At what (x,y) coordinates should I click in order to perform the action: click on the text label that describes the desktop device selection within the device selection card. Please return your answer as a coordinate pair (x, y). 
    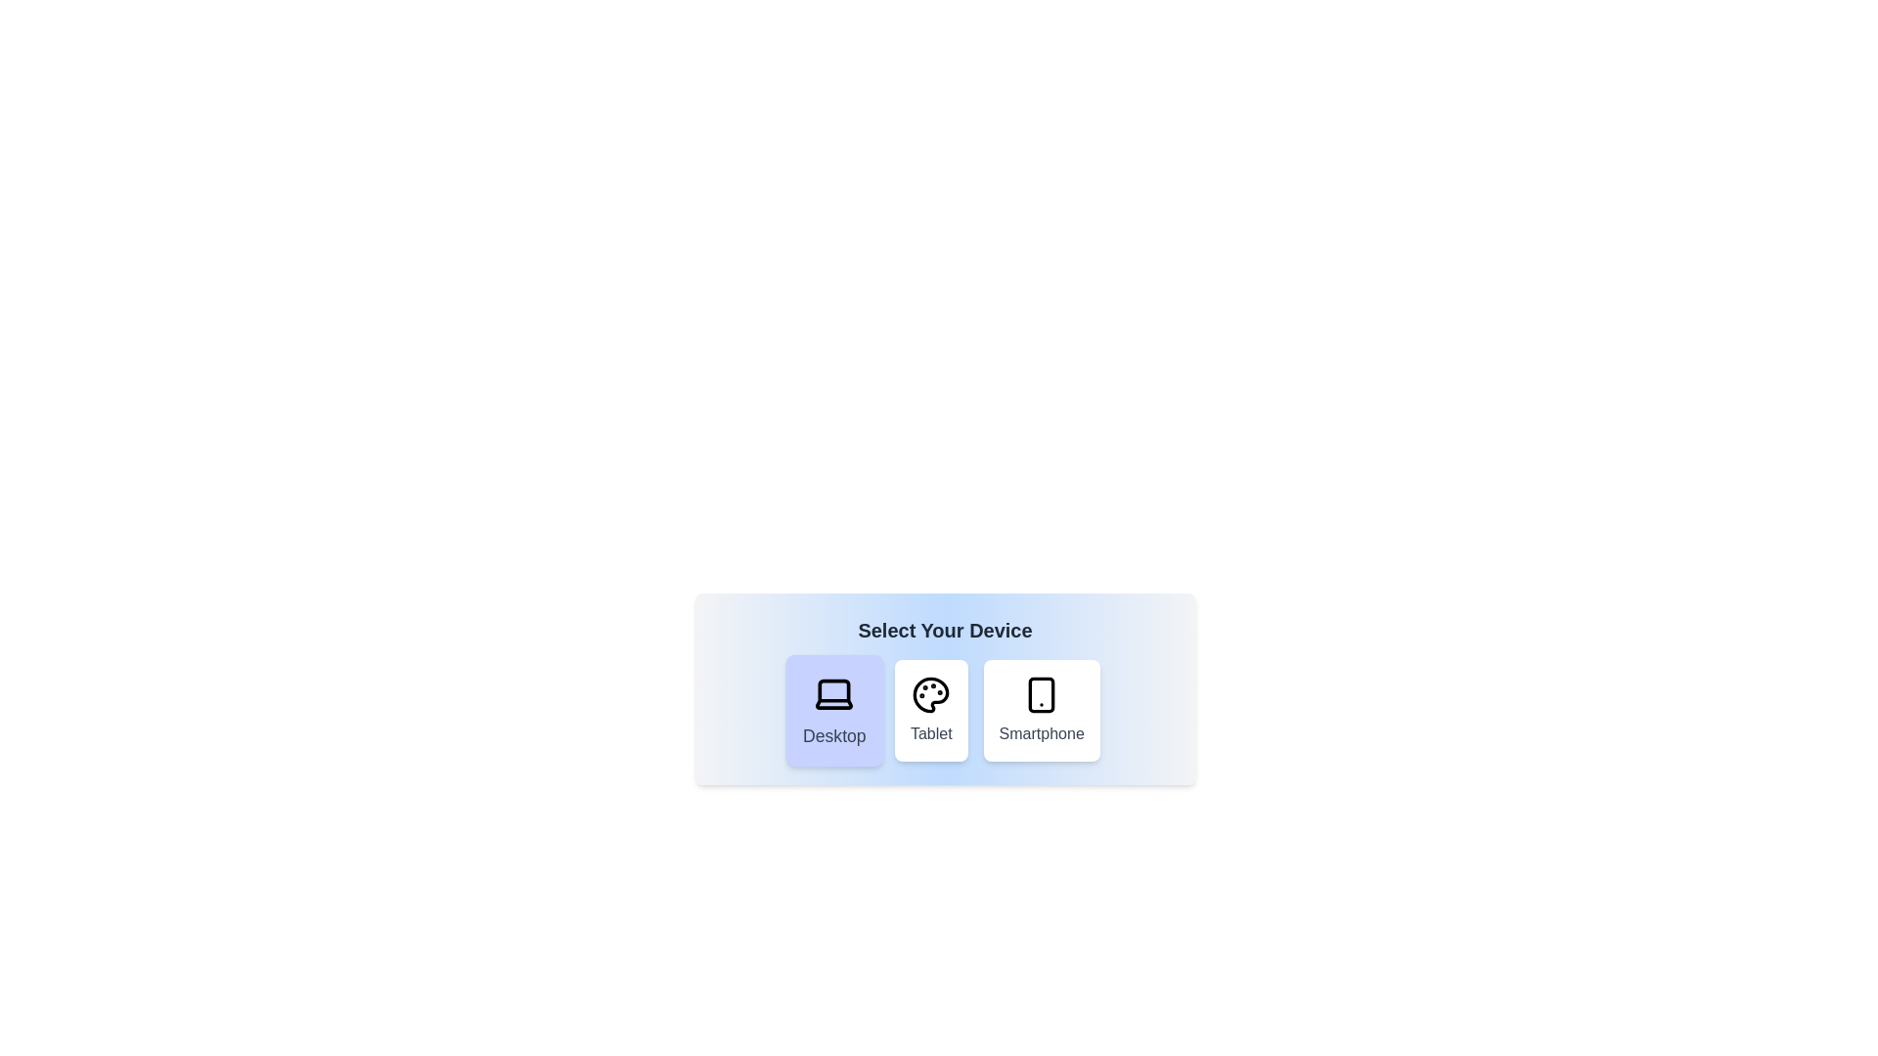
    Looking at the image, I should click on (834, 736).